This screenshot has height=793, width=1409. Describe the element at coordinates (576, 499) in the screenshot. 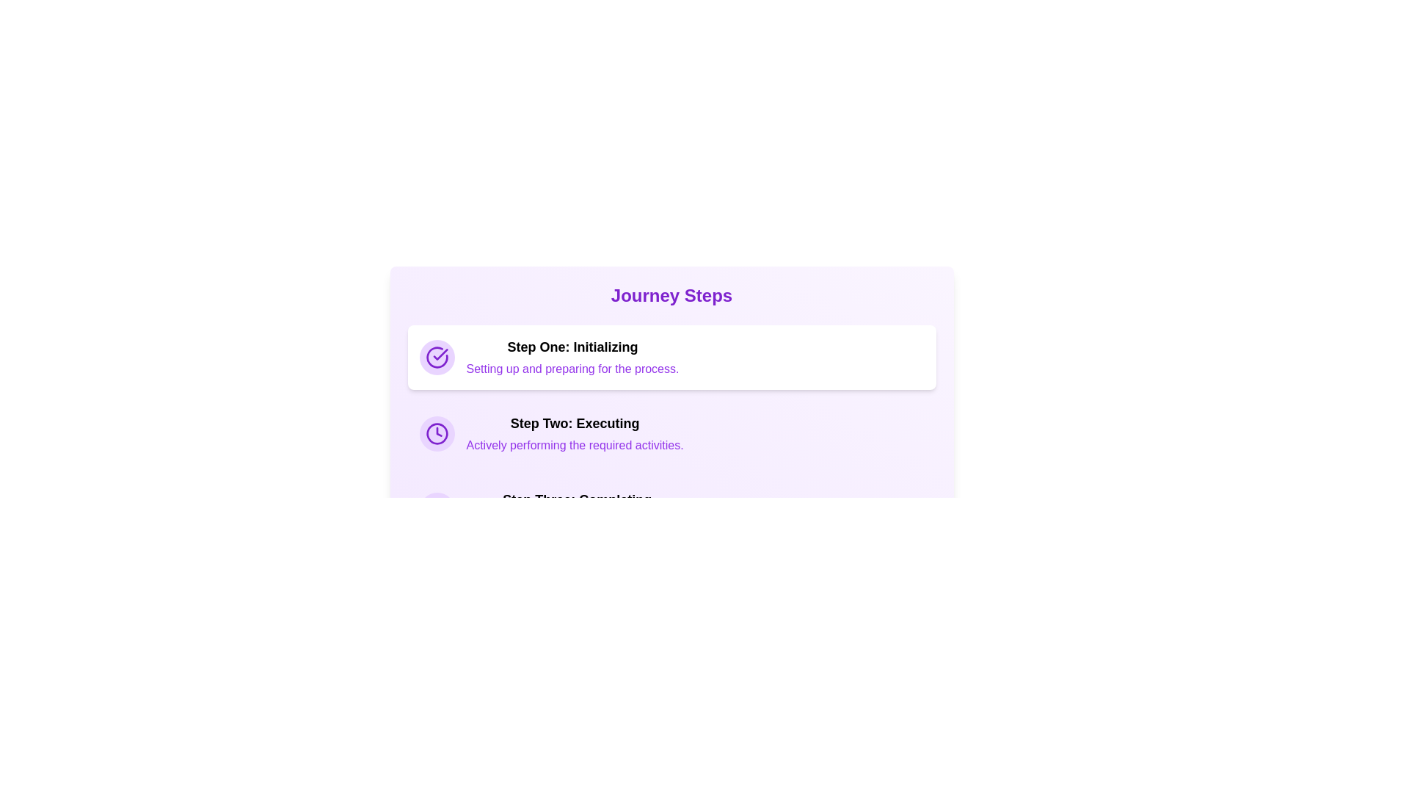

I see `the text component displaying 'Step Three: Completing' in the 'Journey Steps' interface, which is styled with a bold sans-serif font on a light purple background` at that location.